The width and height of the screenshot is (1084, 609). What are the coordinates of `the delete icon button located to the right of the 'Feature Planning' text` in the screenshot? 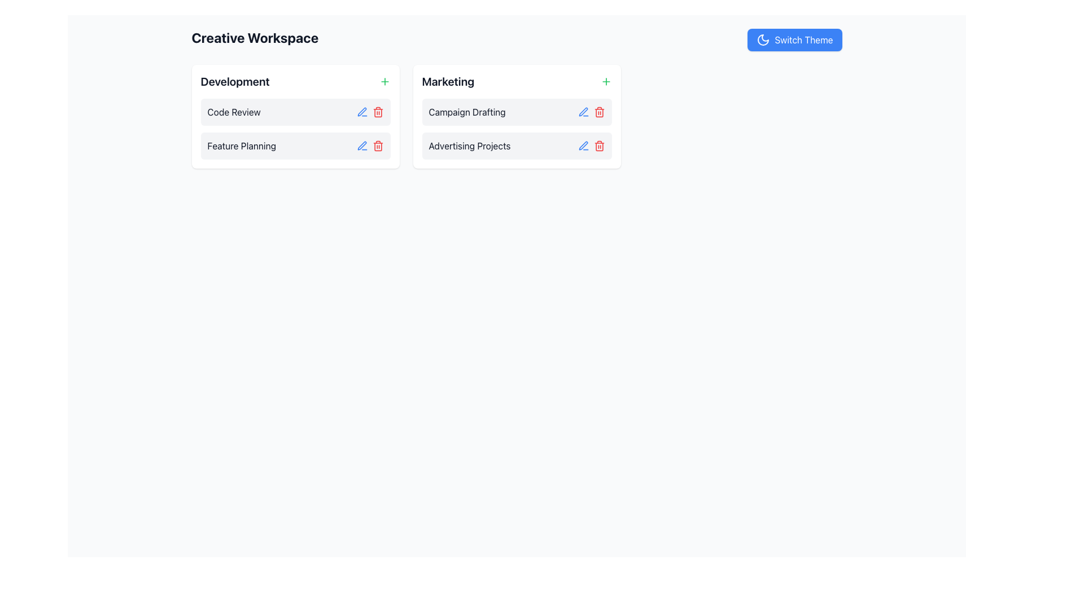 It's located at (378, 145).